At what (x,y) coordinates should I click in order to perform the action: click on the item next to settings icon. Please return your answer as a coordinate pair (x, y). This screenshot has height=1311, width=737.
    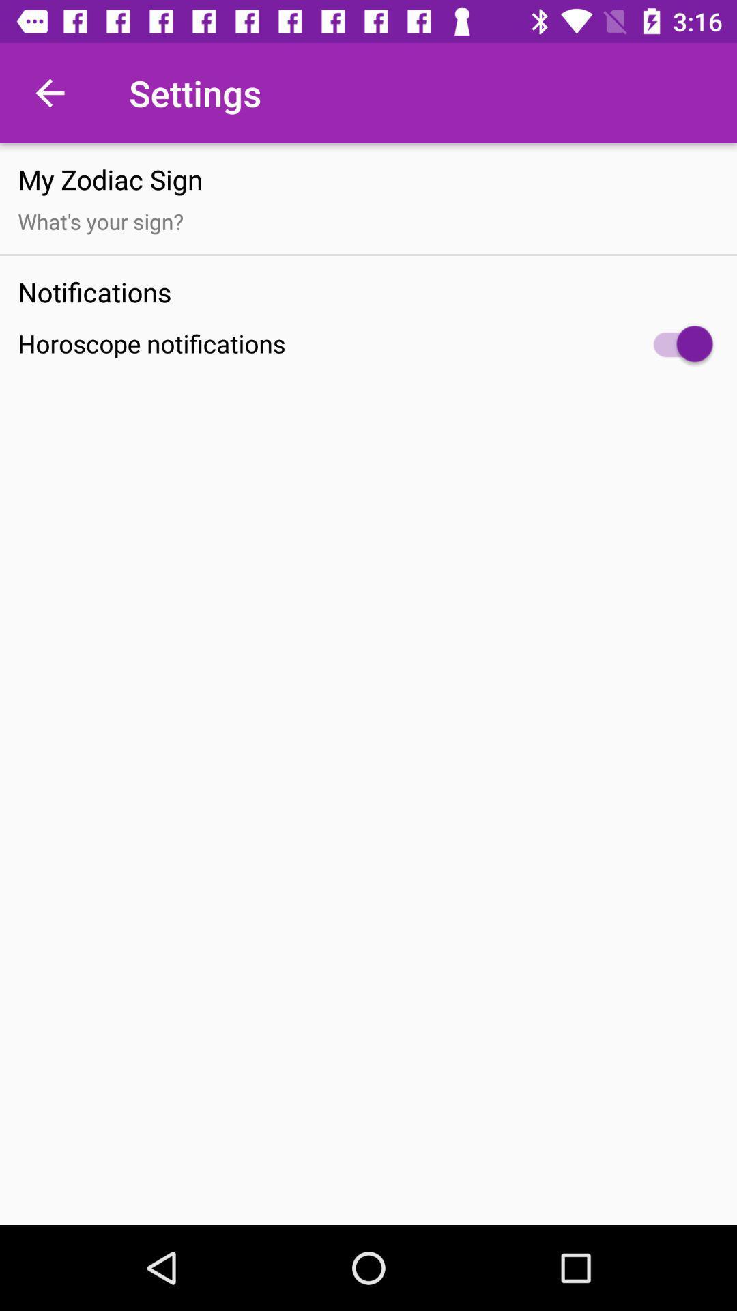
    Looking at the image, I should click on (49, 92).